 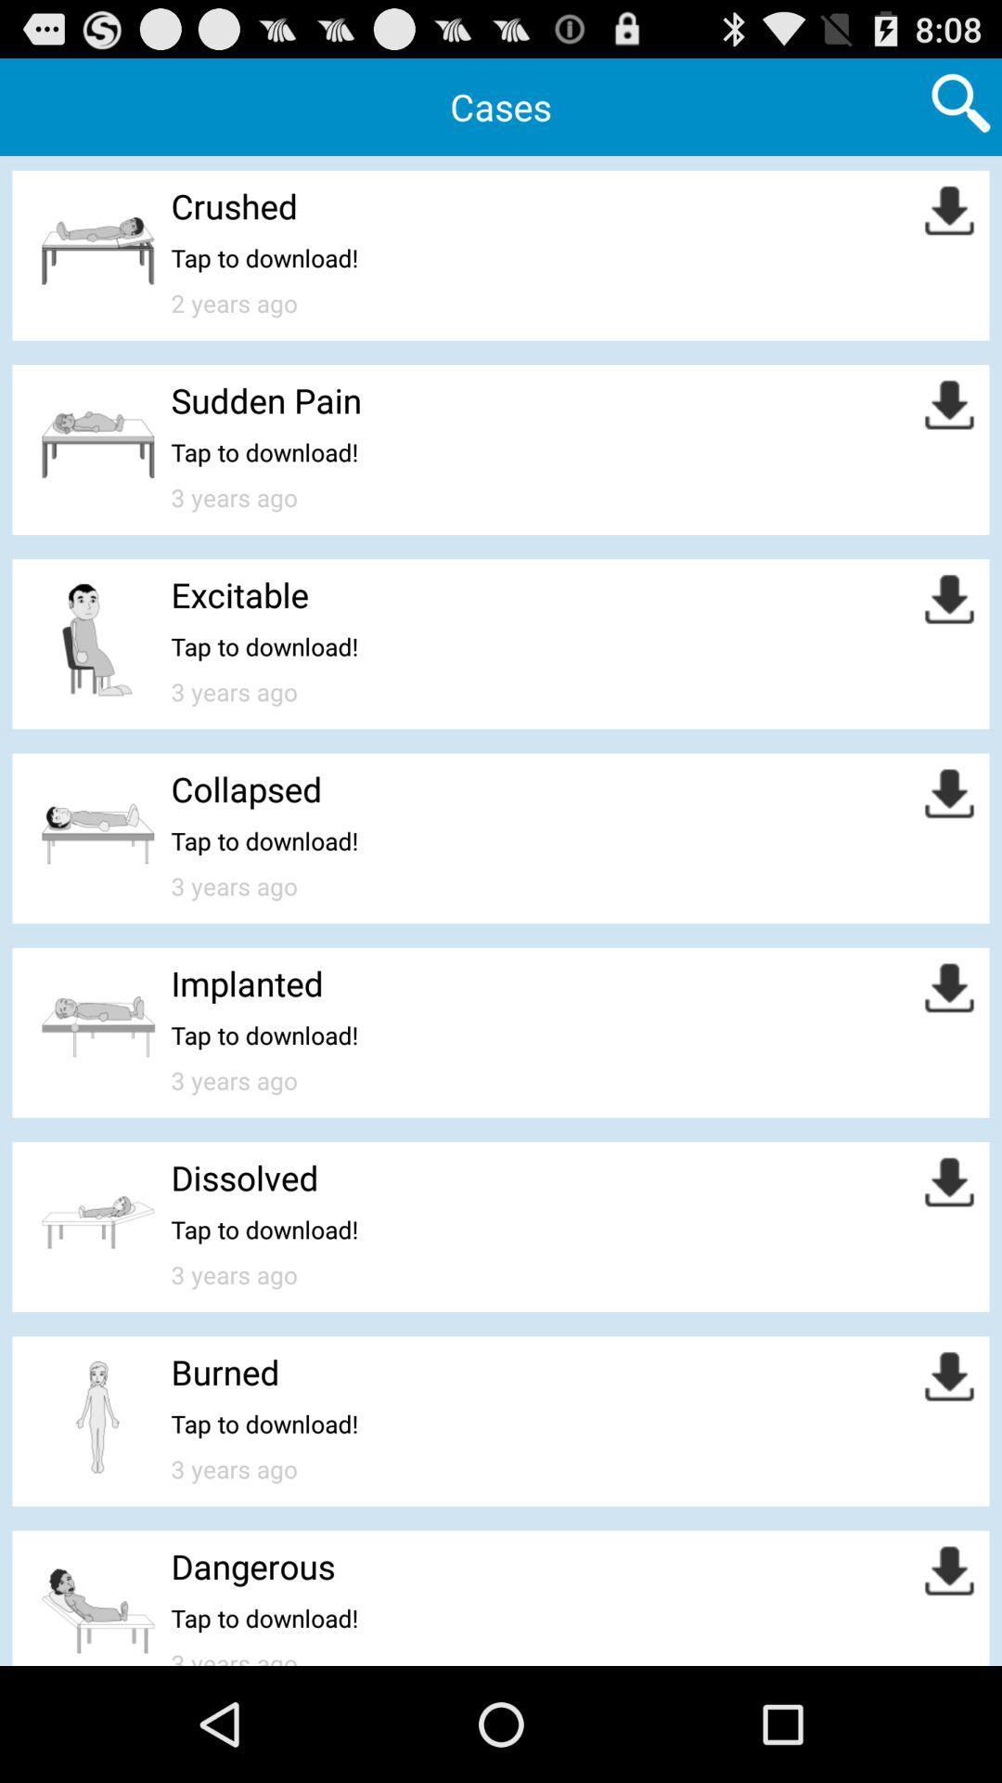 I want to click on the search icon, so click(x=960, y=109).